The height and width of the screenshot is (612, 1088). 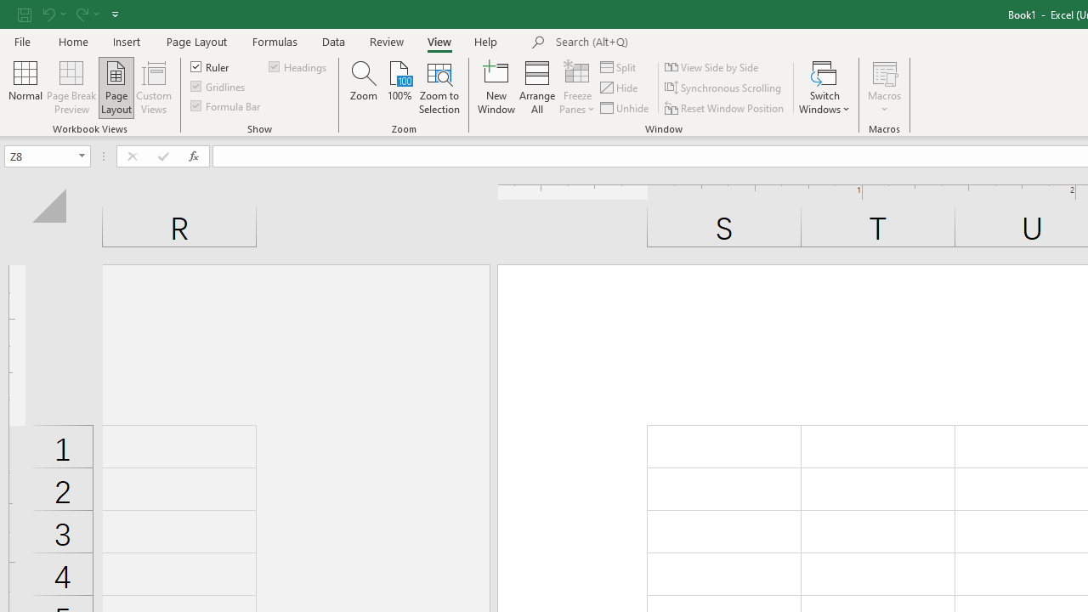 What do you see at coordinates (399, 88) in the screenshot?
I see `'100%'` at bounding box center [399, 88].